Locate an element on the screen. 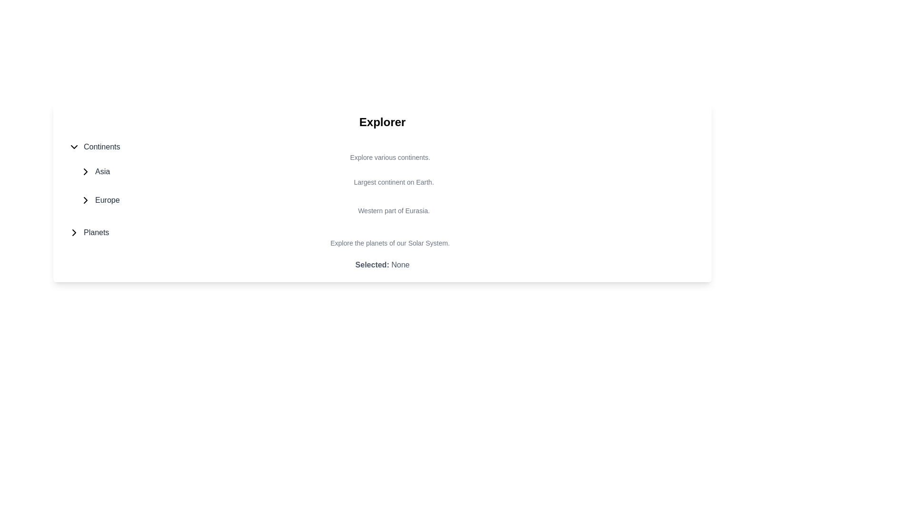  the 'Europe' label in the 'Continents' section for further interaction options is located at coordinates (107, 199).